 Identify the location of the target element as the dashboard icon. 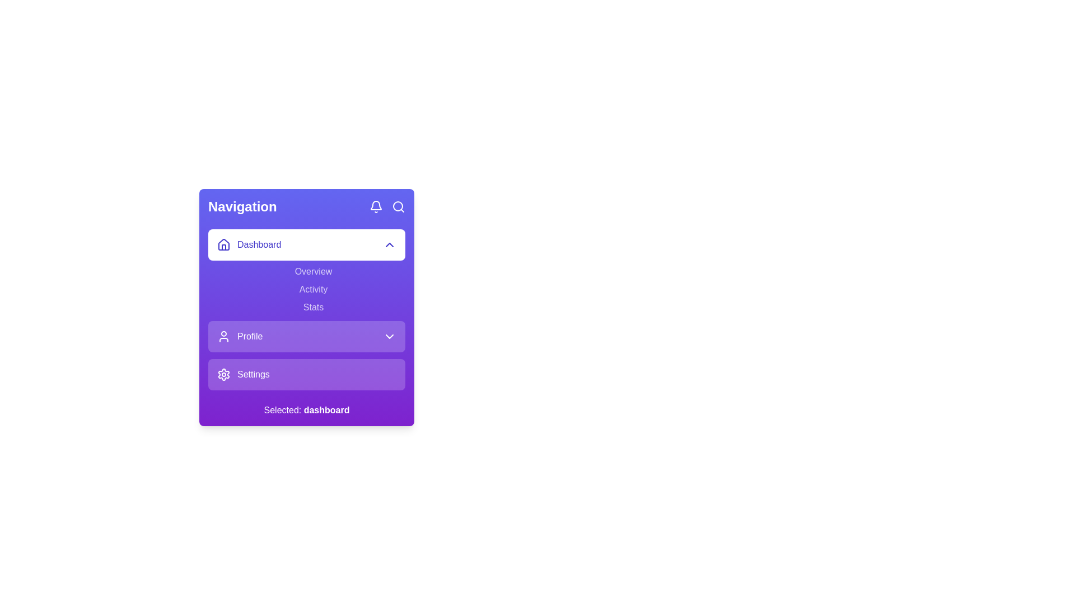
(223, 243).